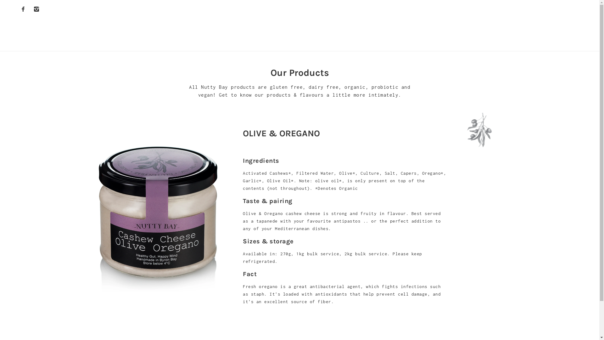 The width and height of the screenshot is (604, 340). Describe the element at coordinates (36, 8) in the screenshot. I see `'Instagram'` at that location.